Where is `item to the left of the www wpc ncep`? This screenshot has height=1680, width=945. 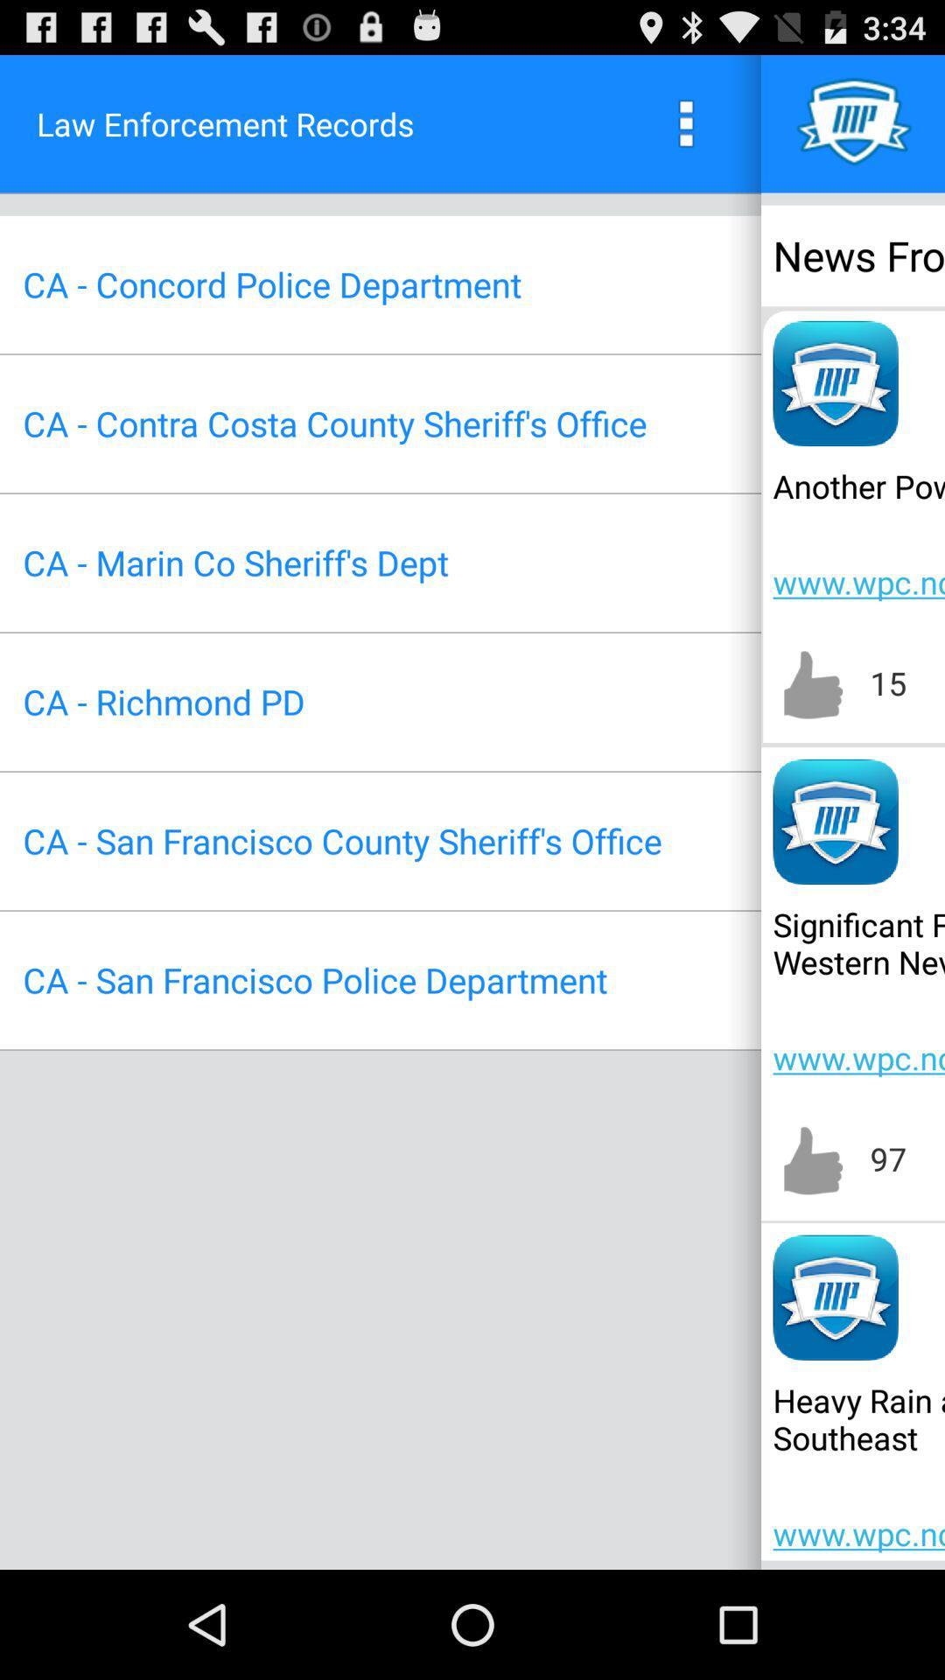
item to the left of the www wpc ncep is located at coordinates (234, 563).